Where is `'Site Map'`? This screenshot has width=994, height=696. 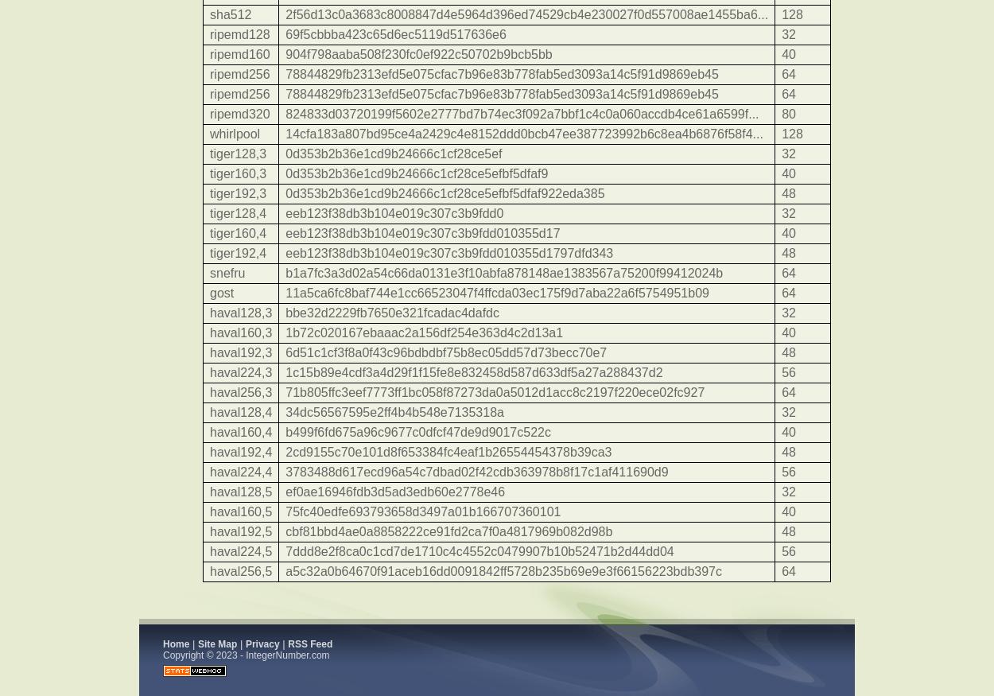
'Site Map' is located at coordinates (217, 643).